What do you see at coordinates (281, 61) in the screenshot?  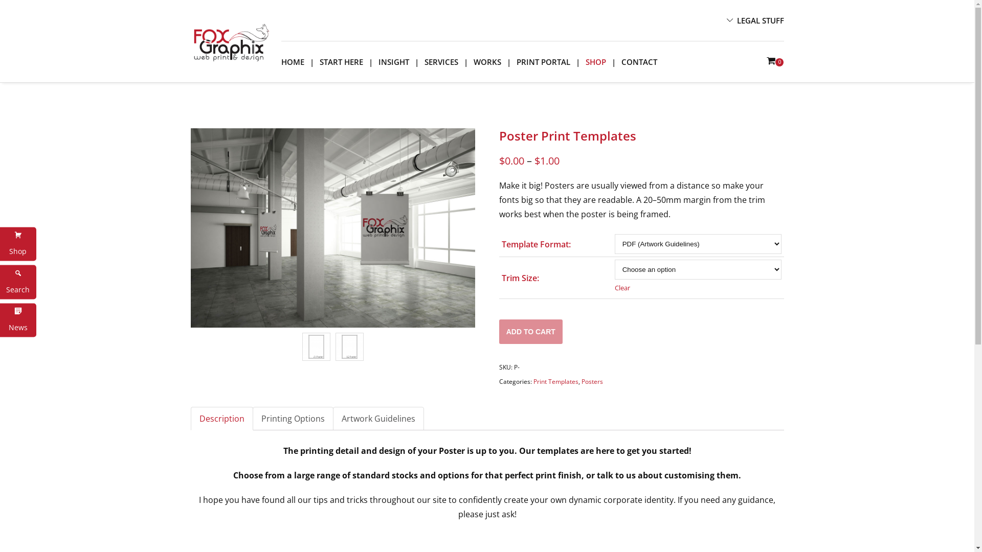 I see `'HOME'` at bounding box center [281, 61].